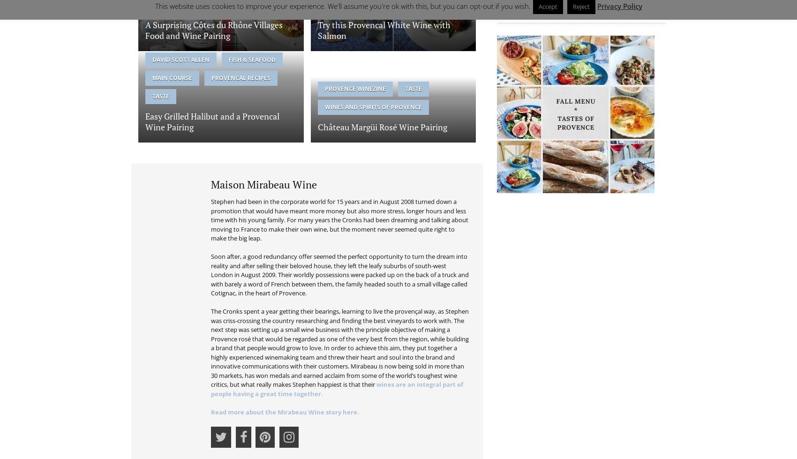 This screenshot has width=797, height=459. What do you see at coordinates (180, 59) in the screenshot?
I see `'David Scott Allen'` at bounding box center [180, 59].